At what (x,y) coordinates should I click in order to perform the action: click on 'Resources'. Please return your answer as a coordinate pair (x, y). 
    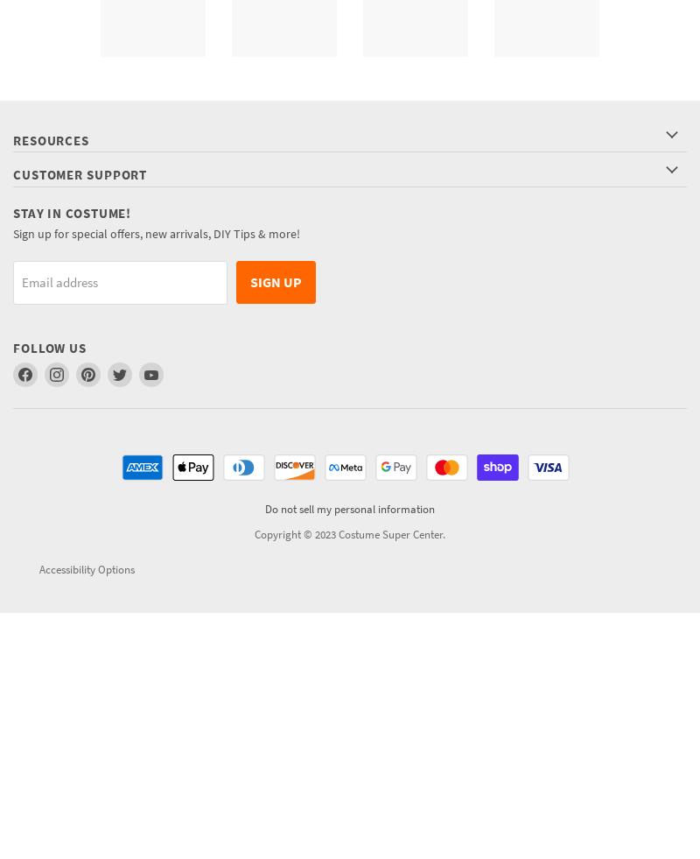
    Looking at the image, I should click on (50, 139).